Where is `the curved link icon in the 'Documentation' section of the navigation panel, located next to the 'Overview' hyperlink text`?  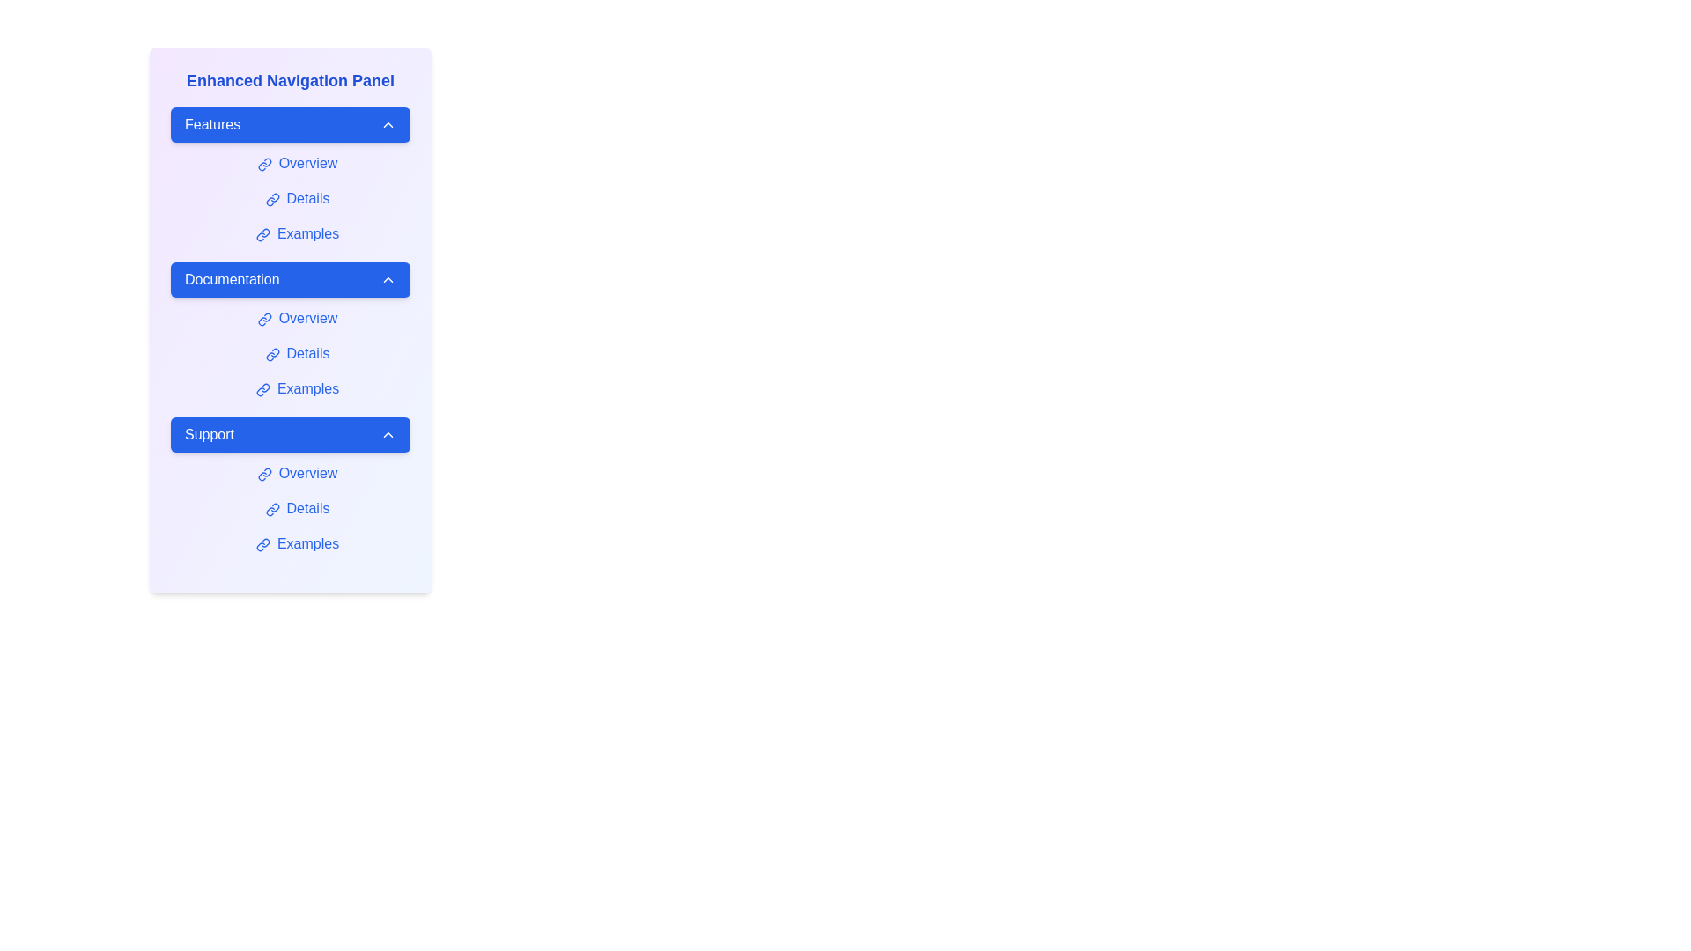
the curved link icon in the 'Documentation' section of the navigation panel, located next to the 'Overview' hyperlink text is located at coordinates (261, 321).